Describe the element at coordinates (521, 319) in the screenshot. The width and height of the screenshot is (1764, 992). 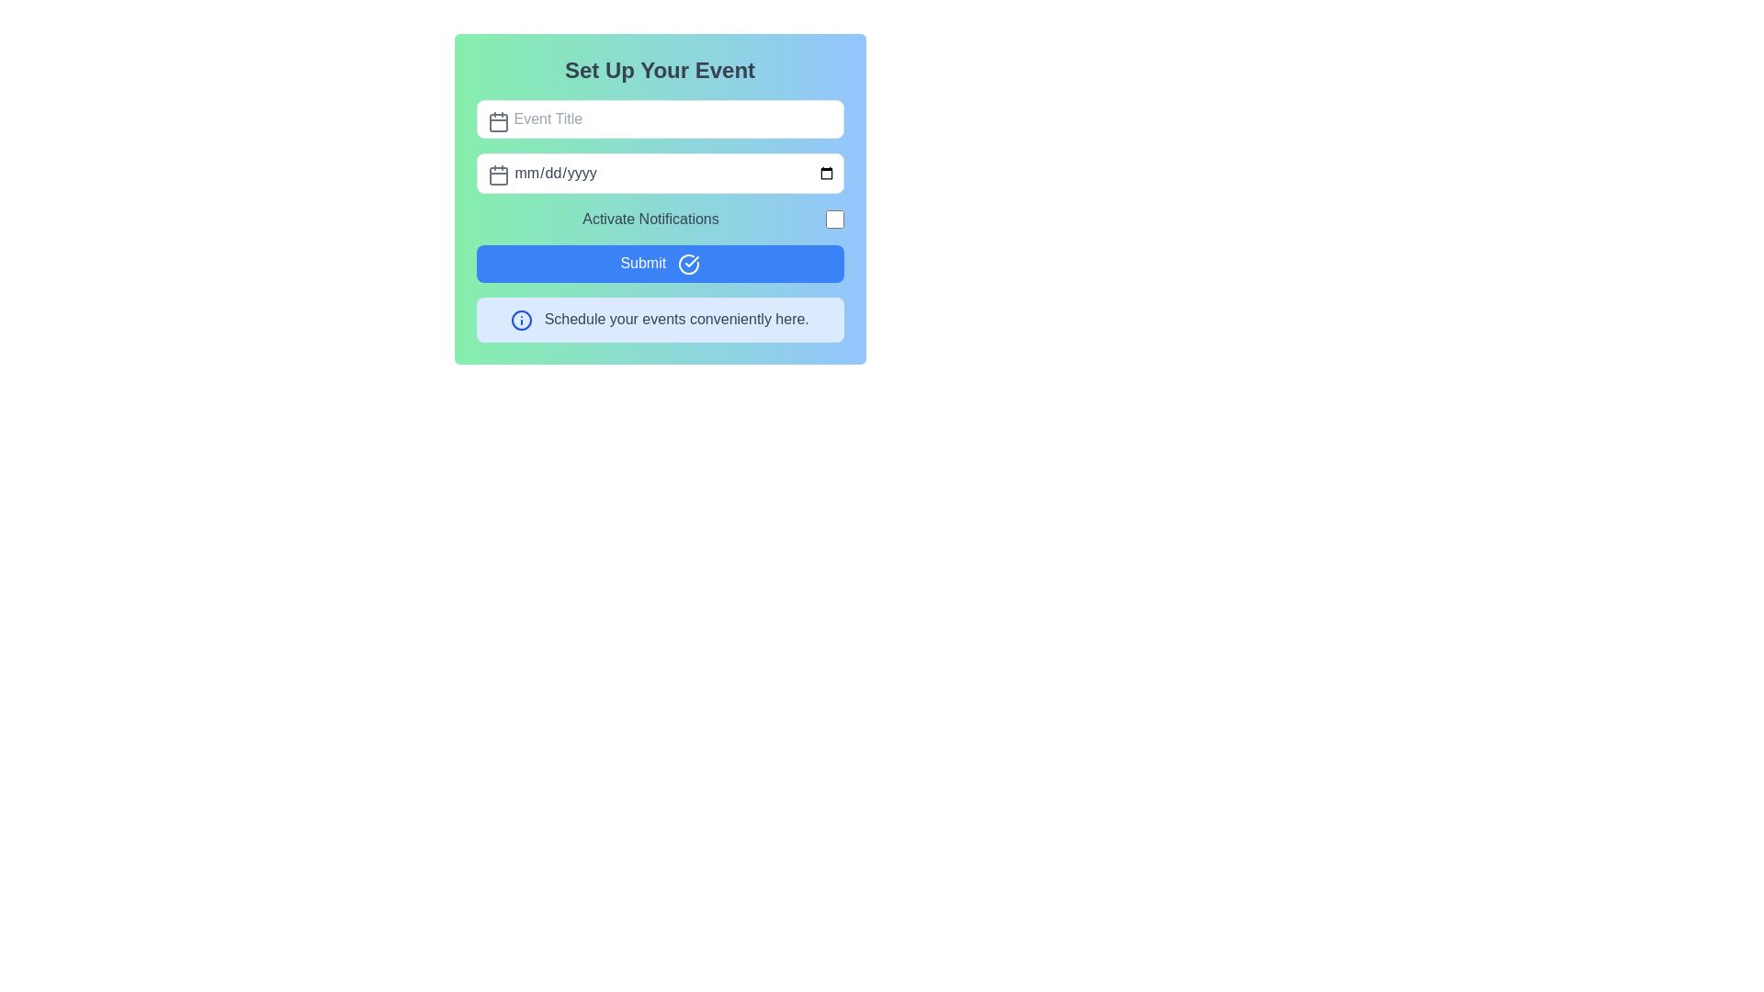
I see `the informational icon represented by a circle` at that location.